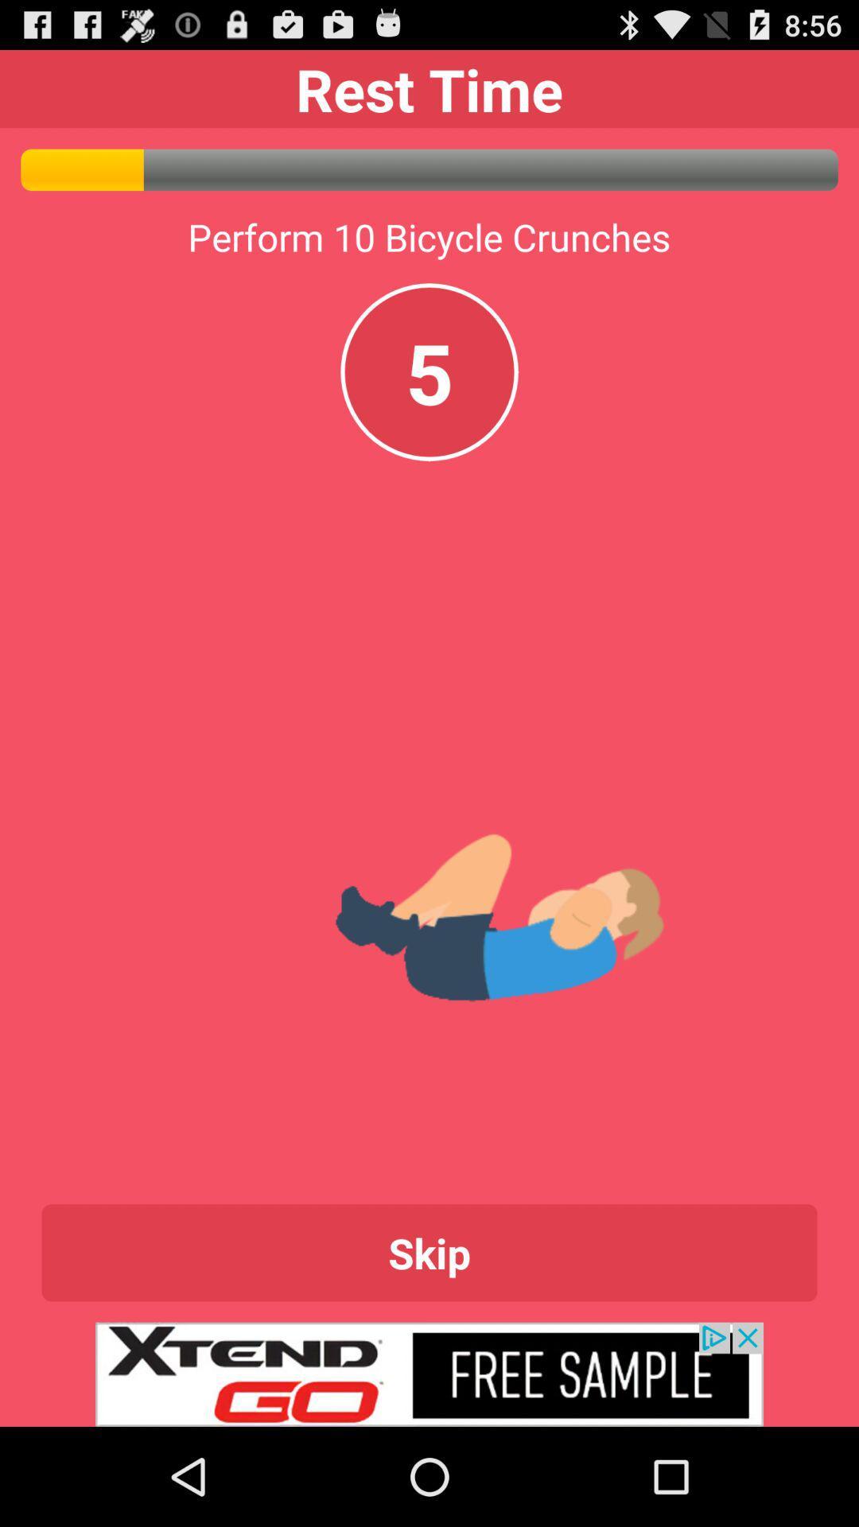 The width and height of the screenshot is (859, 1527). I want to click on click on xtend go advertisement, so click(429, 1374).